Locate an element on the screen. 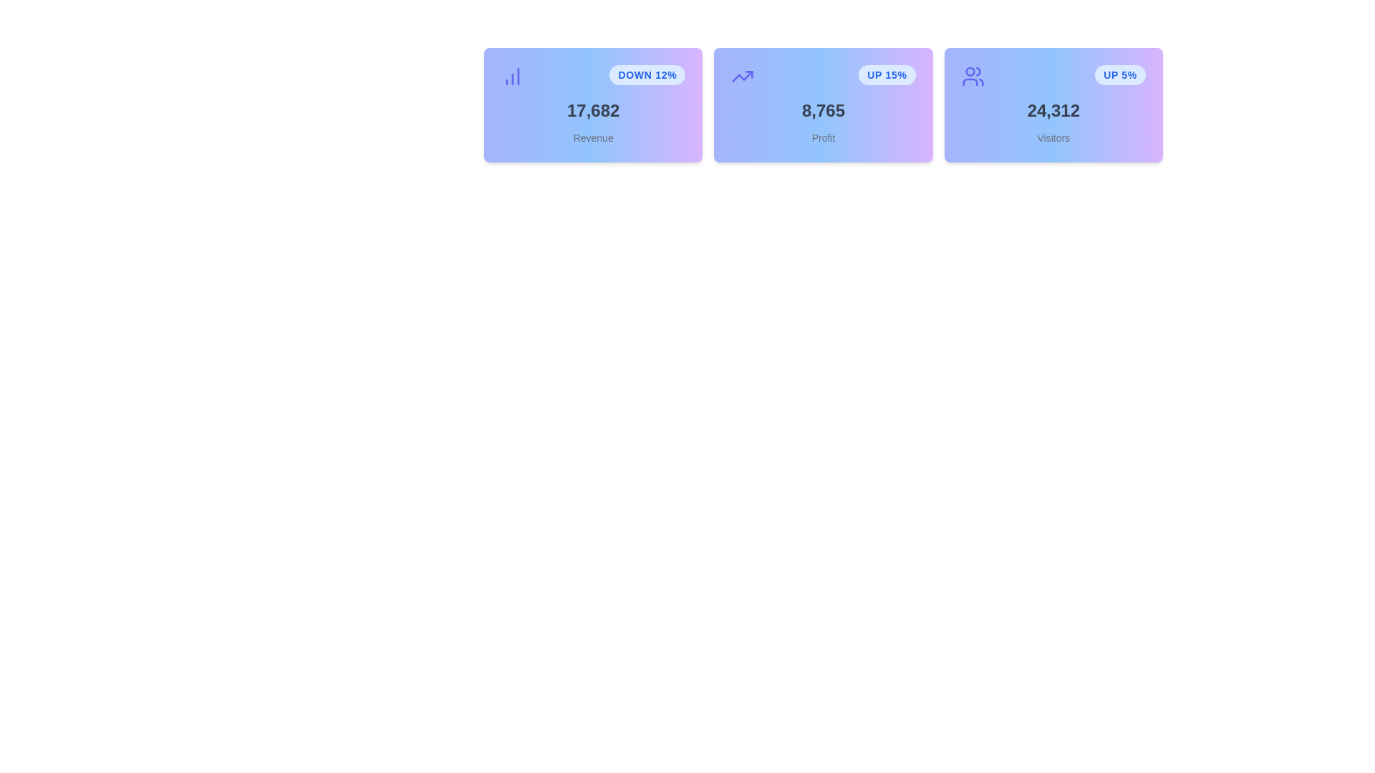 The image size is (1375, 773). the indigo blue icon representing a group of two people, located in the top-left corner of the third card showing '24,312 Visitors' is located at coordinates (973, 77).